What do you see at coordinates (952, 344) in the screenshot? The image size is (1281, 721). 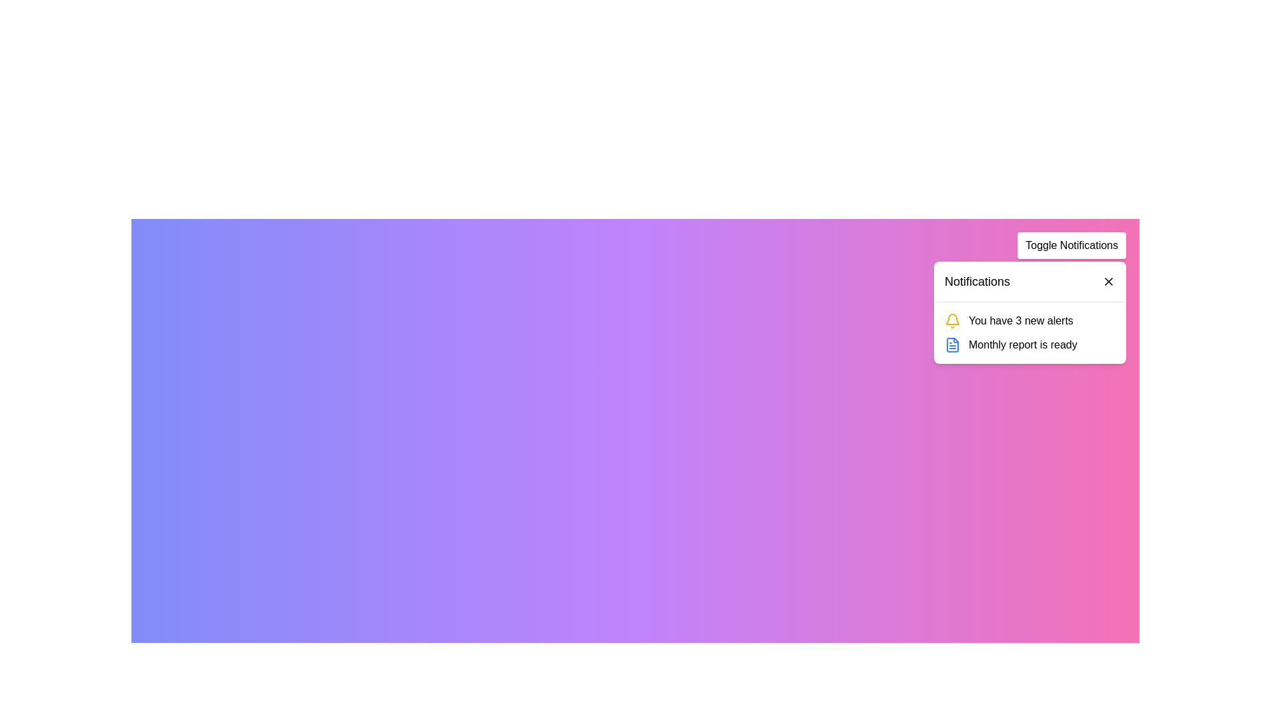 I see `the file or document icon that serves as a visual cue for the notification message indicating 'Monthly report is ready'` at bounding box center [952, 344].